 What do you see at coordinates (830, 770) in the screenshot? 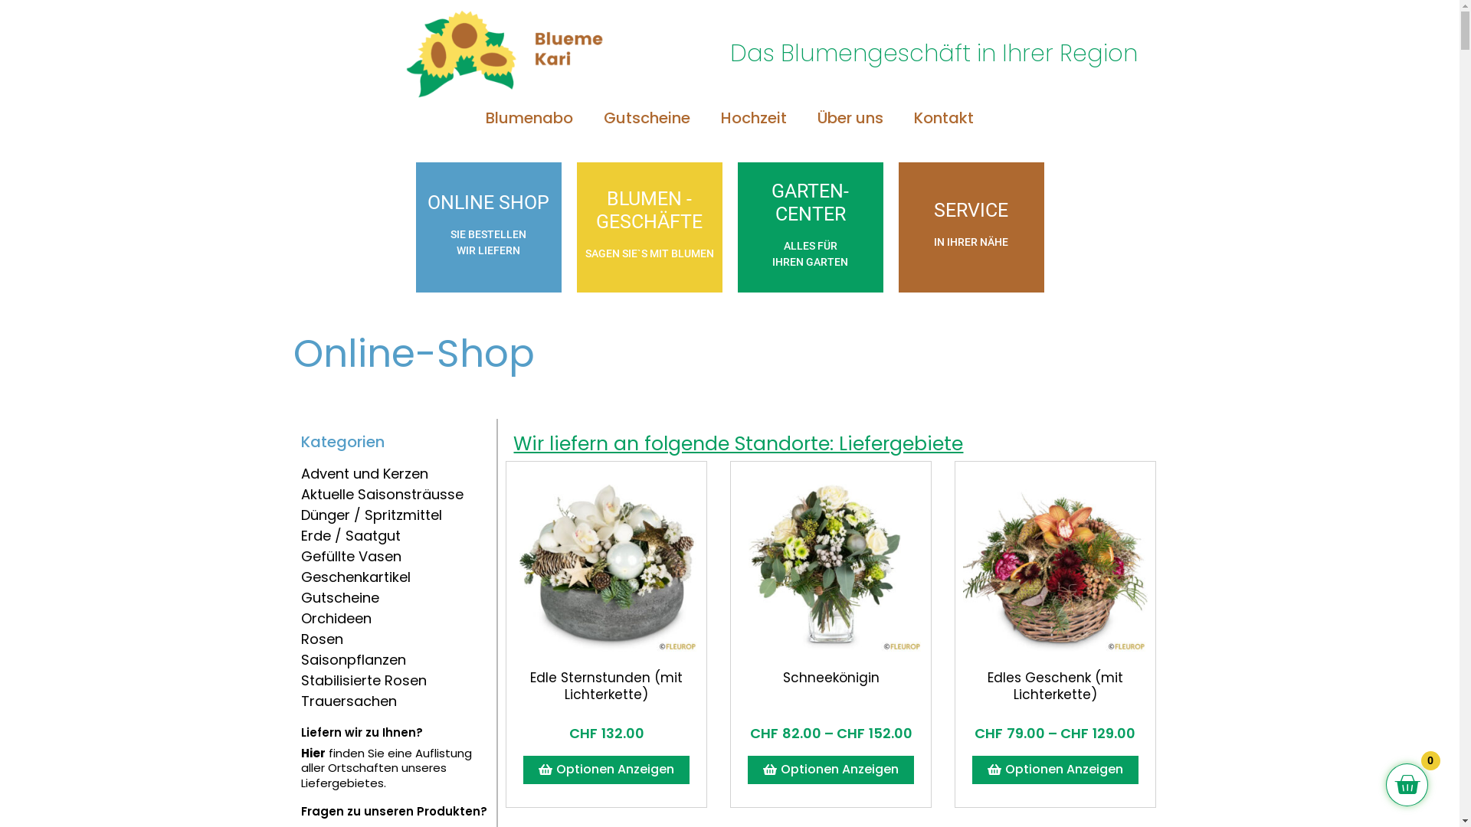
I see `'Optionen Anzeigen'` at bounding box center [830, 770].